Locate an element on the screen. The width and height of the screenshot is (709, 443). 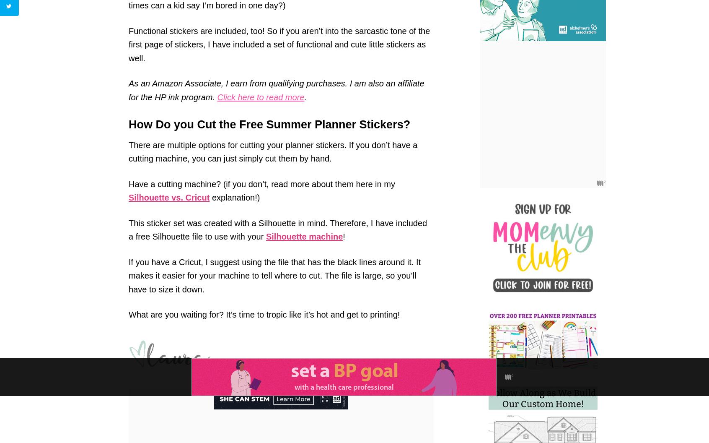
'explanation!)' is located at coordinates (209, 197).